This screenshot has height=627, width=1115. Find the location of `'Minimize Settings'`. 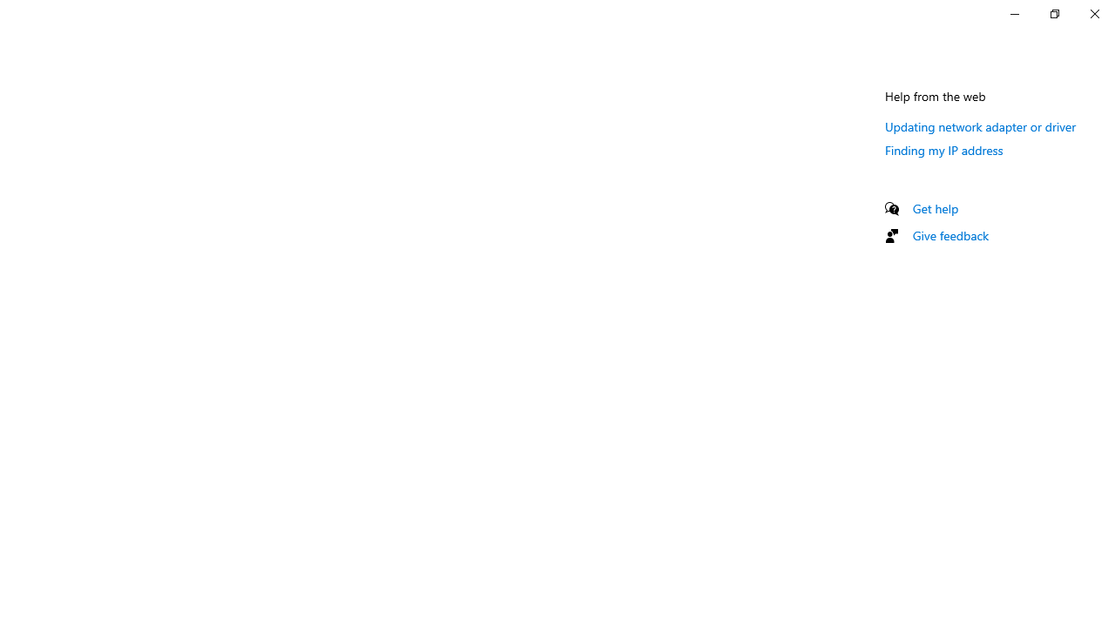

'Minimize Settings' is located at coordinates (1014, 13).